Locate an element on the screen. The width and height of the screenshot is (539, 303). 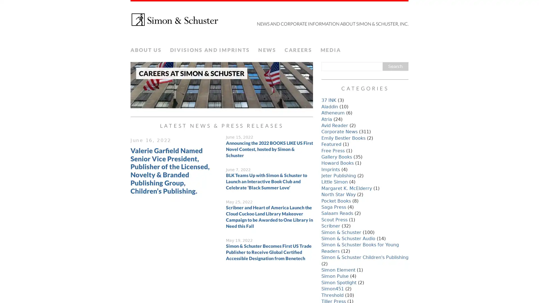
Search is located at coordinates (395, 66).